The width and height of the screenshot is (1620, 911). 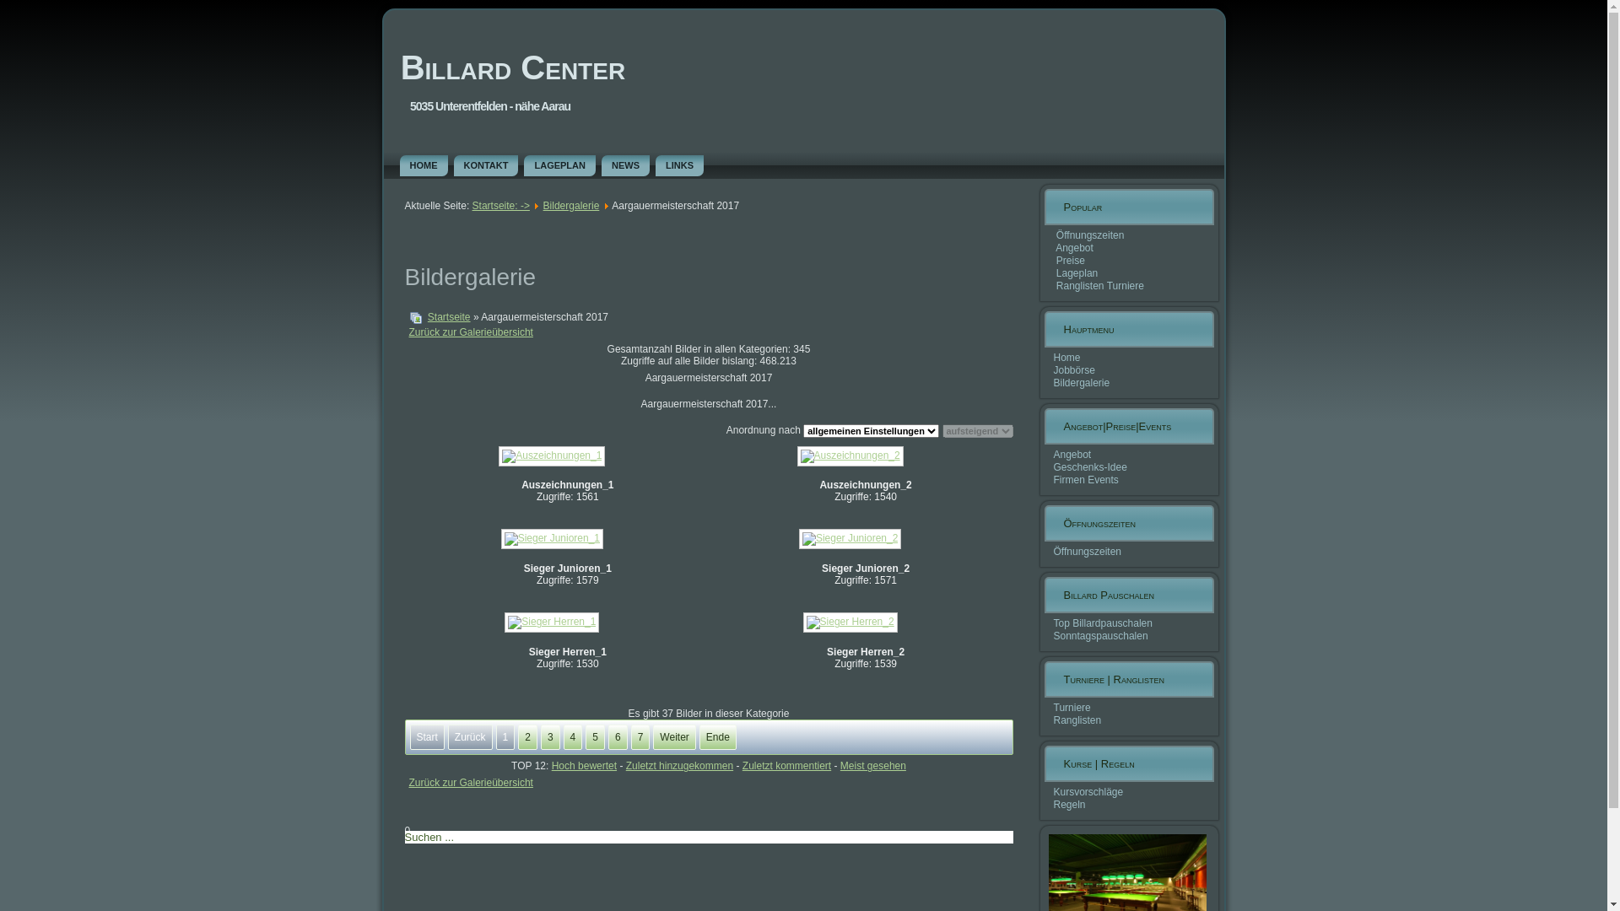 I want to click on 'Sieger Herren_2', so click(x=851, y=624).